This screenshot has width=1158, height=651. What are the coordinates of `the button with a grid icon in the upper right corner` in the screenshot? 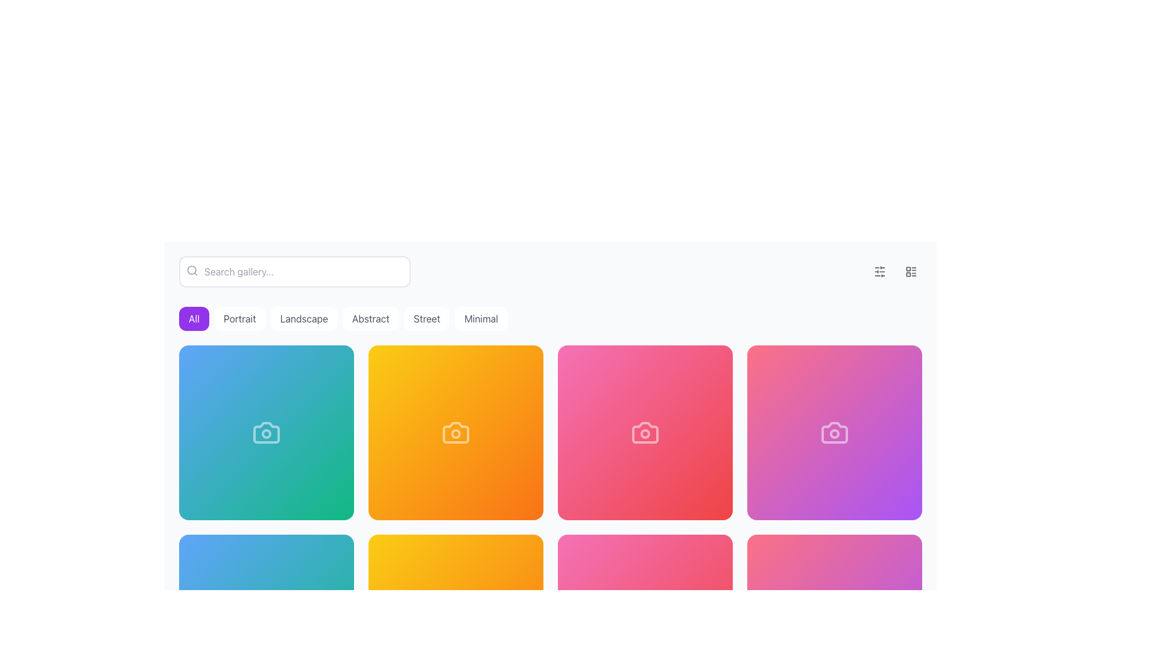 It's located at (911, 272).